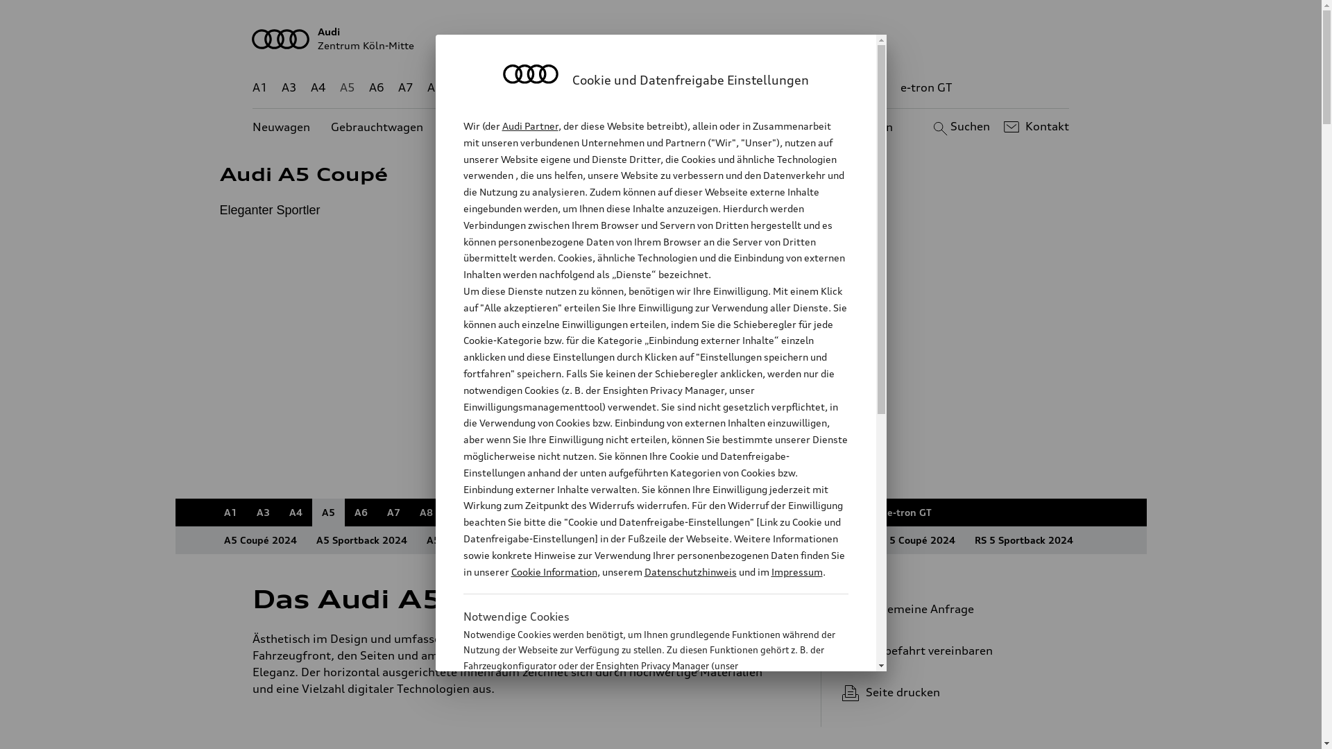 The height and width of the screenshot is (749, 1332). Describe the element at coordinates (494, 87) in the screenshot. I see `'Q3'` at that location.